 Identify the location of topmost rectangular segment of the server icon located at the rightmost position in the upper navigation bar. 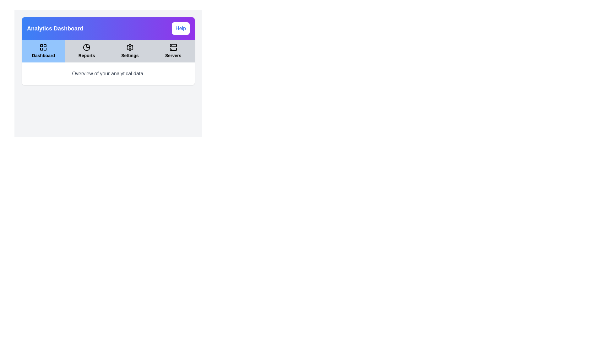
(173, 45).